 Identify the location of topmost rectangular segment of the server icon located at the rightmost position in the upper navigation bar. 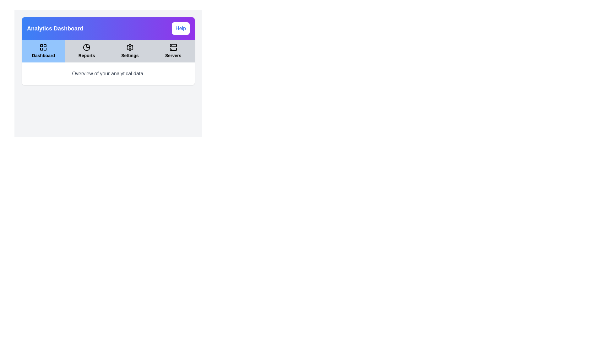
(173, 45).